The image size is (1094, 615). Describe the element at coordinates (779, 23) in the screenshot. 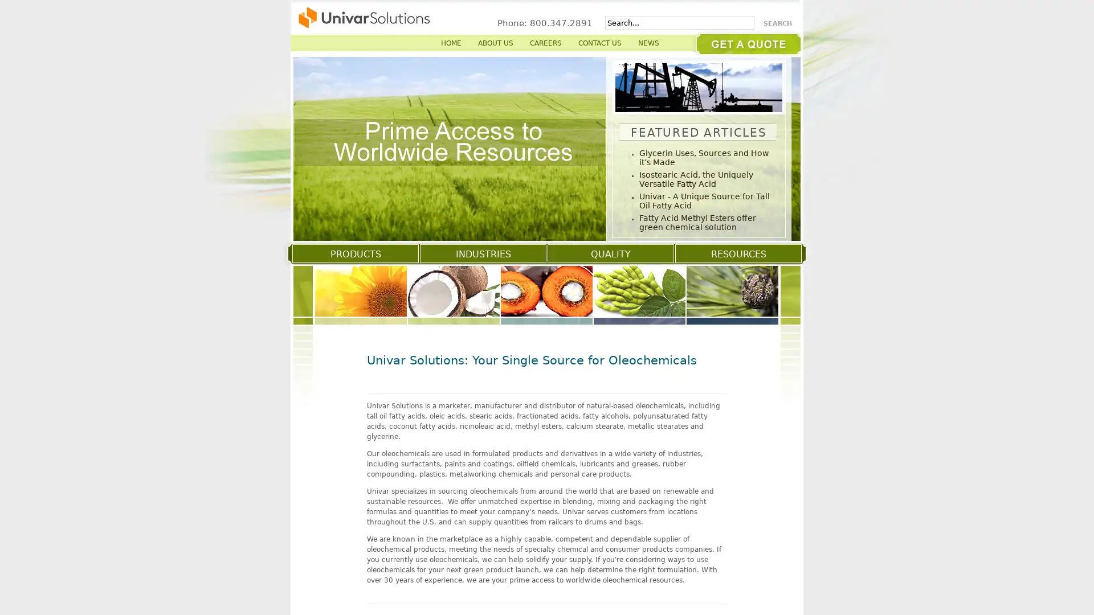

I see `Search` at that location.